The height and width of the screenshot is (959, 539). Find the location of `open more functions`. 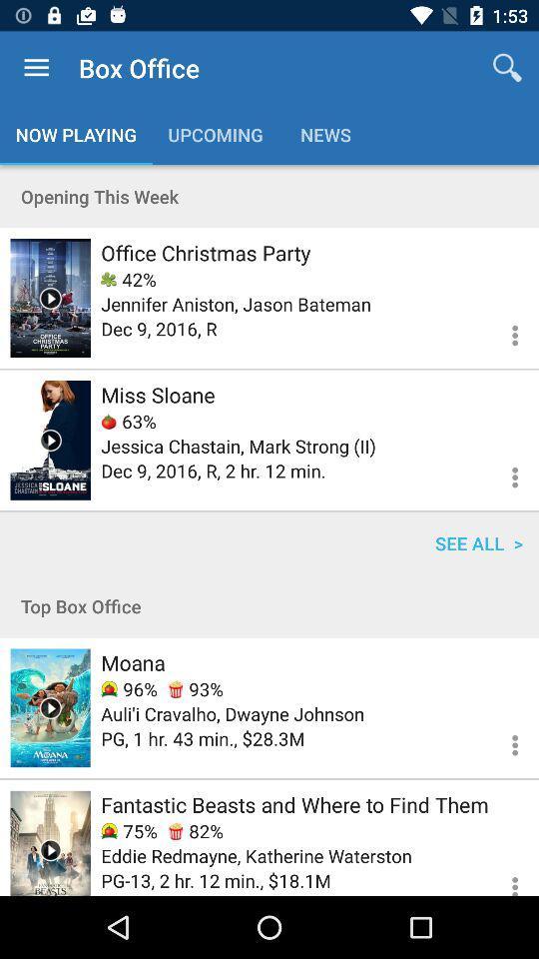

open more functions is located at coordinates (502, 741).